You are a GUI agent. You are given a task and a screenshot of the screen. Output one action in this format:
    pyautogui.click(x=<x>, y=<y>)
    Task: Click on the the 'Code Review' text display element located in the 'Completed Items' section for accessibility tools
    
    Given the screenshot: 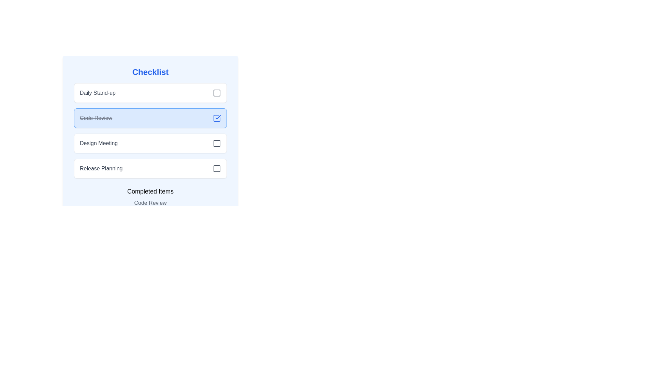 What is the action you would take?
    pyautogui.click(x=150, y=203)
    